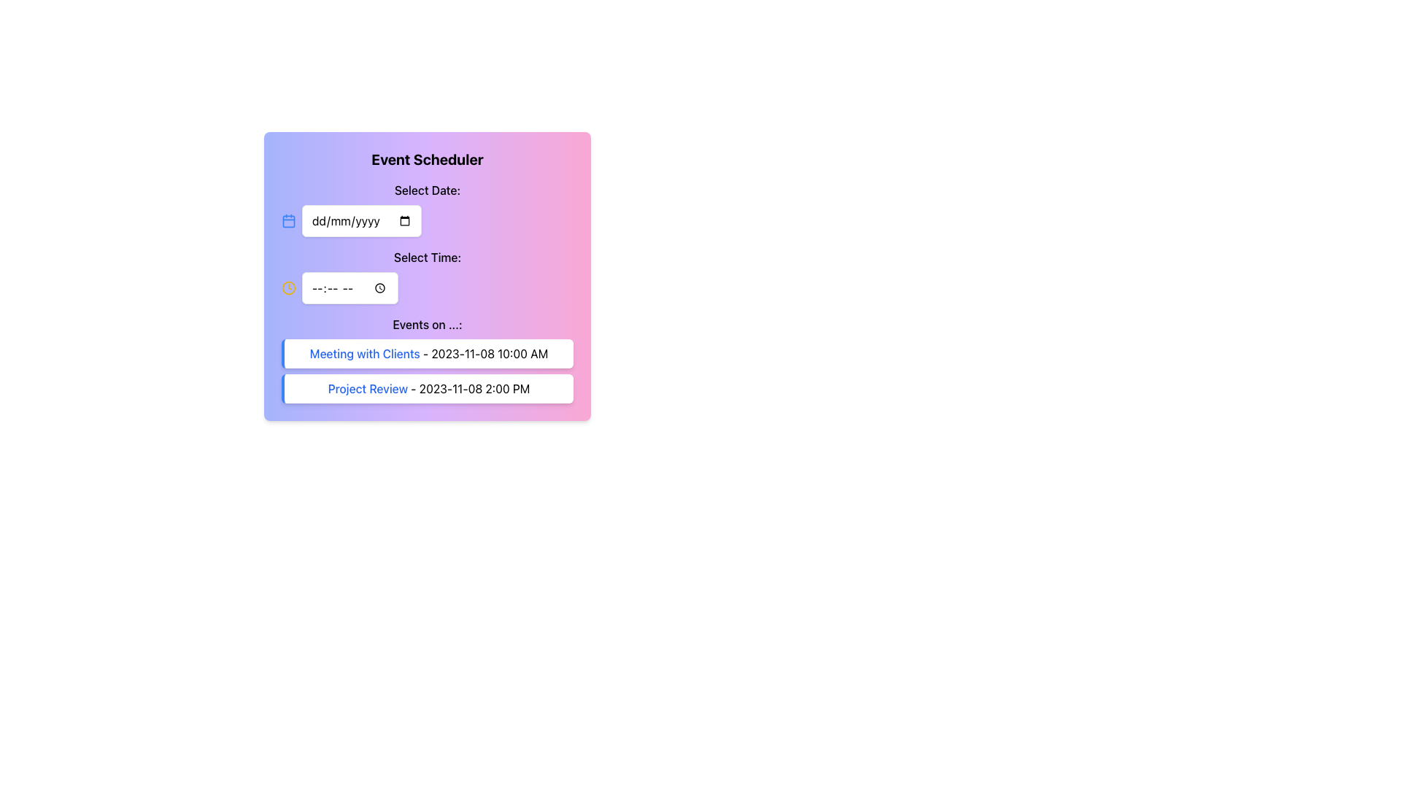  I want to click on the Text label displaying the event's details located directly above the 'Project Review' section in the scheduler interface, so click(426, 354).